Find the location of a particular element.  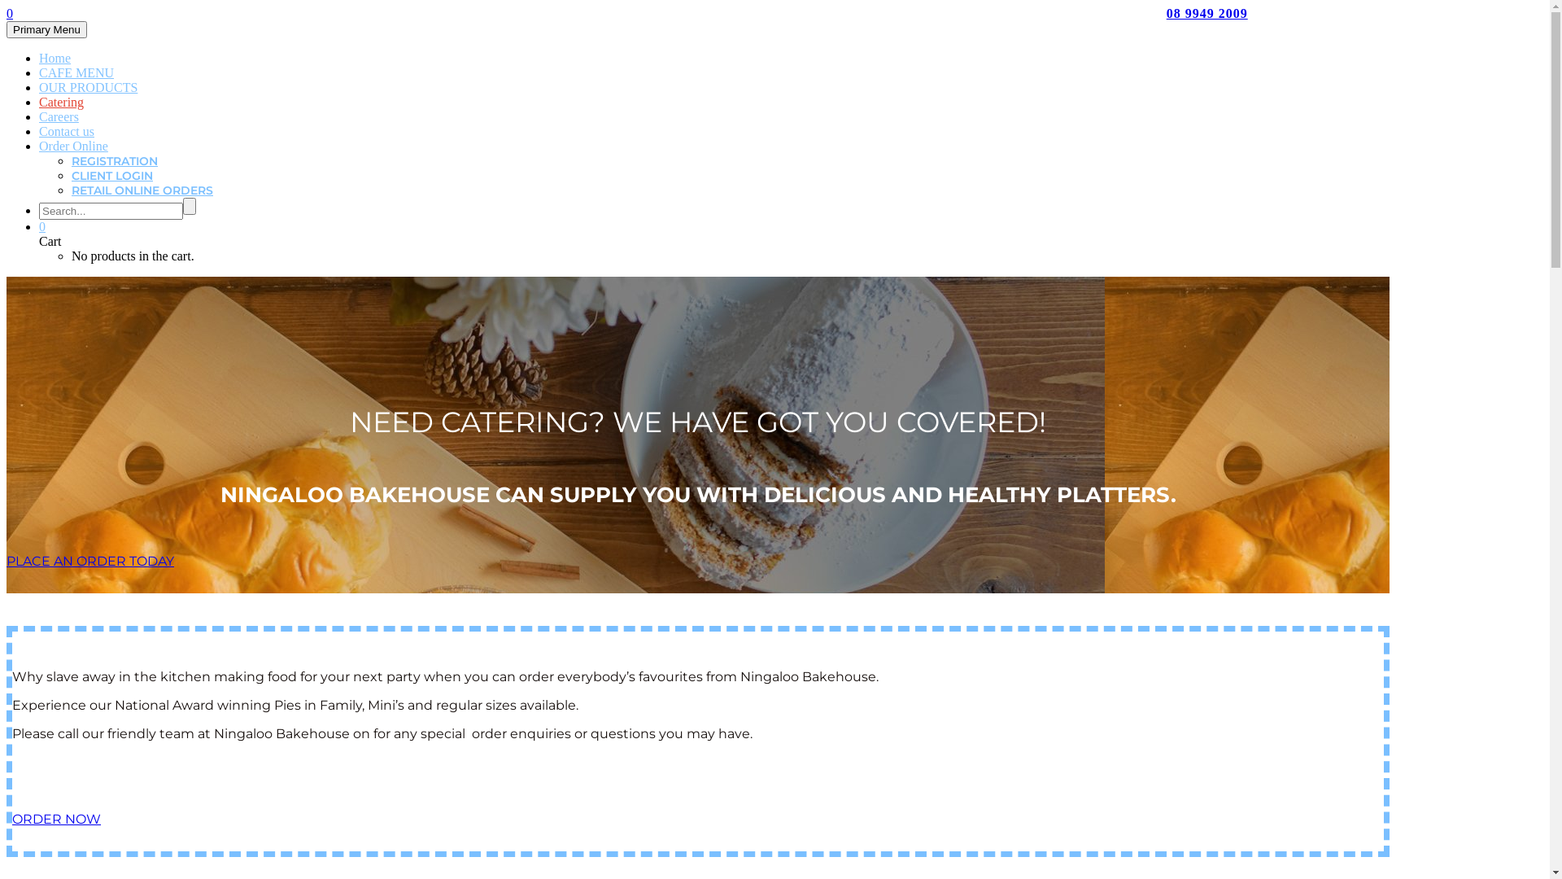

'Careers' is located at coordinates (59, 116).